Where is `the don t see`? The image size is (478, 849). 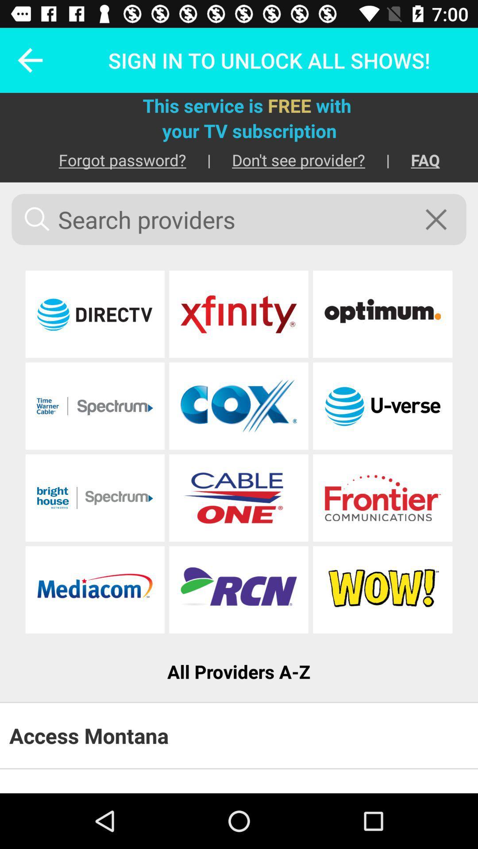
the don t see is located at coordinates (288, 160).